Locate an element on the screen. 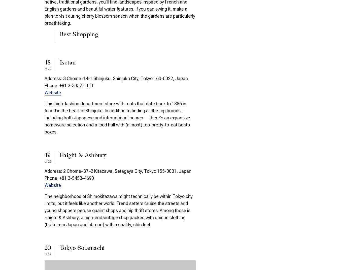  'Isetan' is located at coordinates (60, 63).